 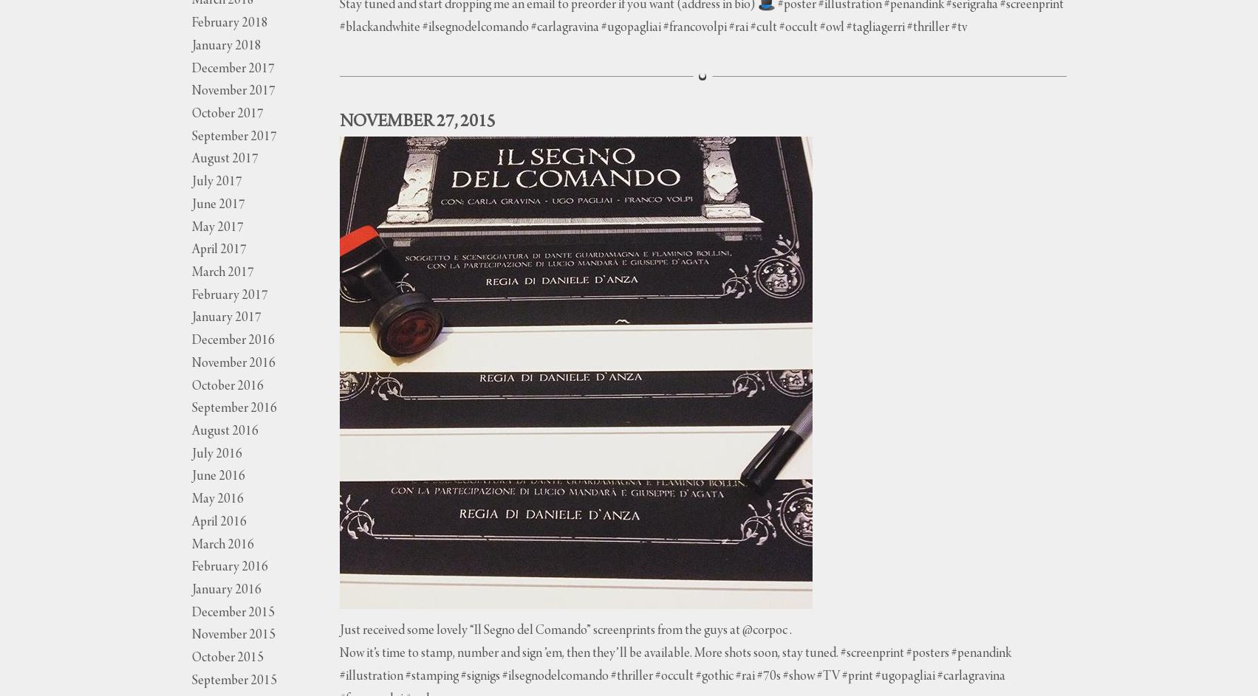 I want to click on 'June 2017', so click(x=216, y=204).